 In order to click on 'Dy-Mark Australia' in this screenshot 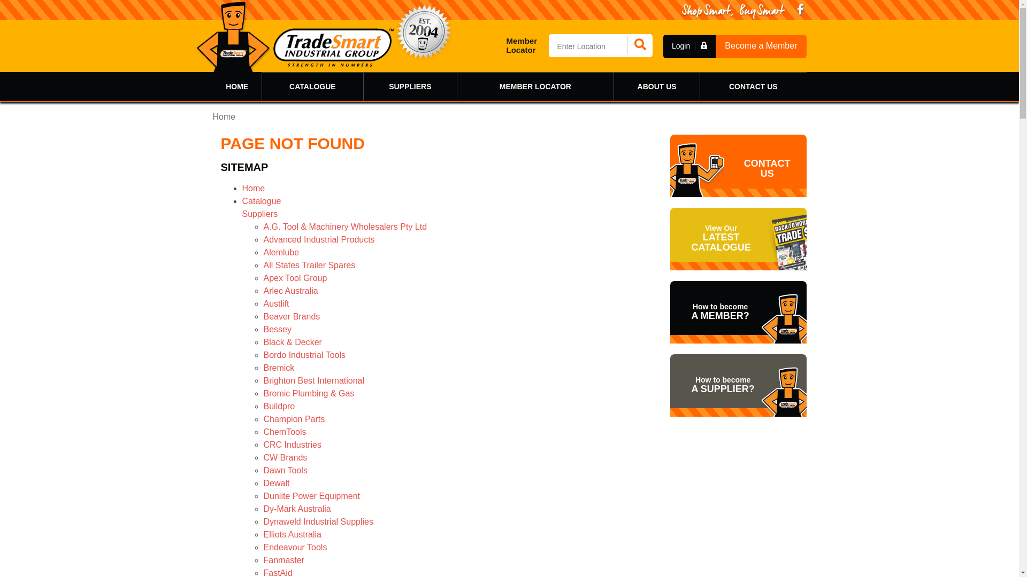, I will do `click(263, 508)`.